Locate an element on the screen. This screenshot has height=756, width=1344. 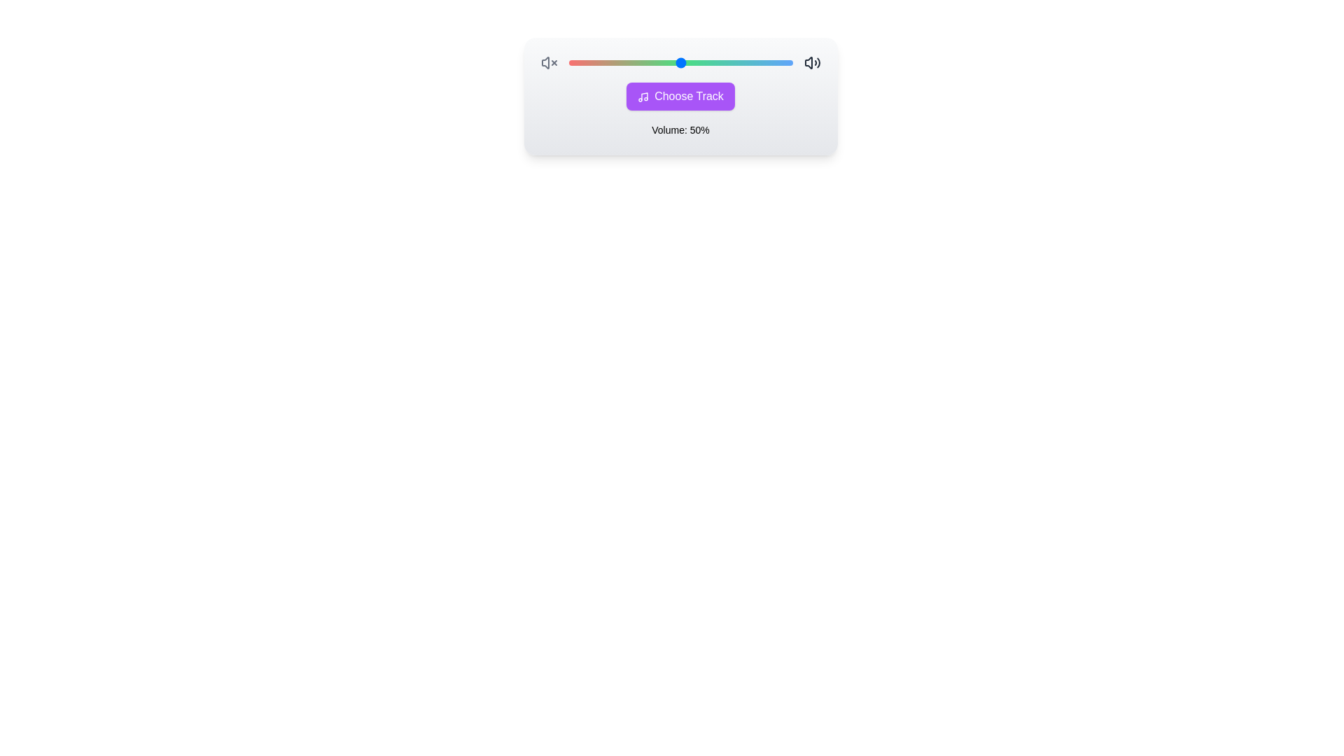
the volume slider to set the volume to 54% is located at coordinates (568, 62).